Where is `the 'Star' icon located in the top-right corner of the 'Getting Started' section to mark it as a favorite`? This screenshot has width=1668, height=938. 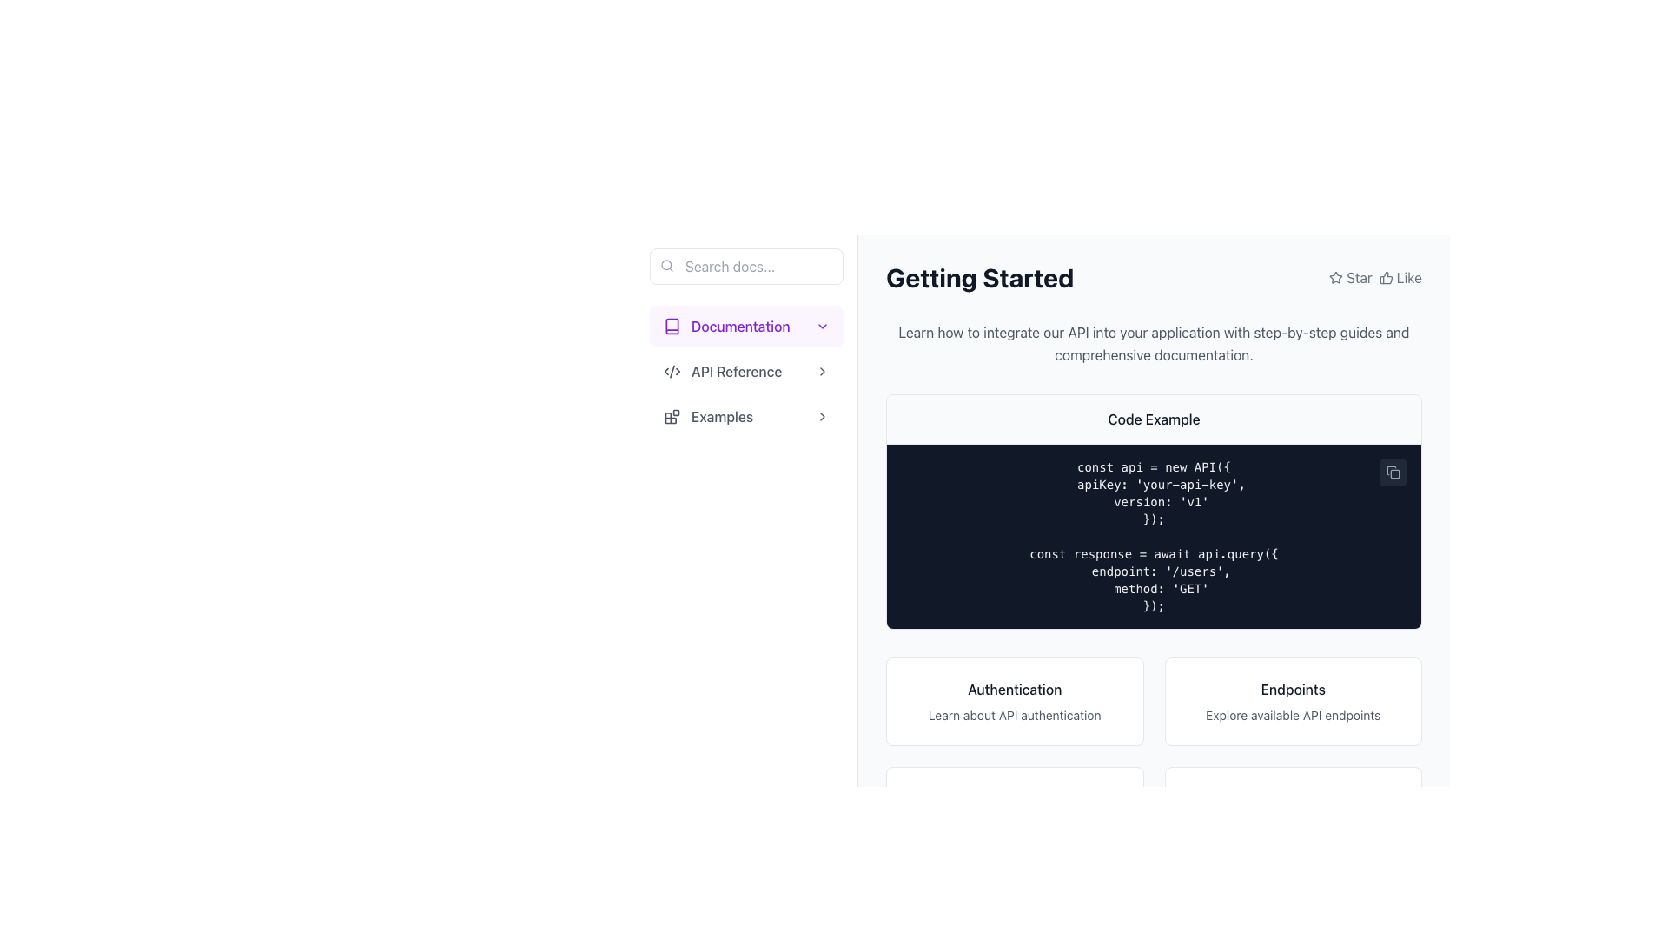 the 'Star' icon located in the top-right corner of the 'Getting Started' section to mark it as a favorite is located at coordinates (1374, 277).